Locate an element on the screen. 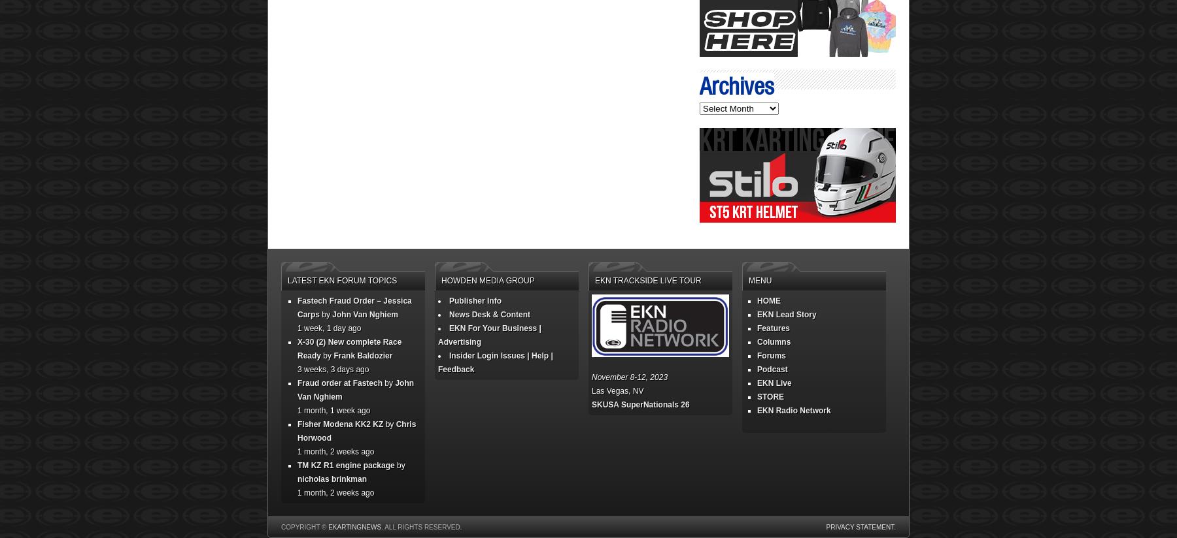  'Features' is located at coordinates (772, 327).